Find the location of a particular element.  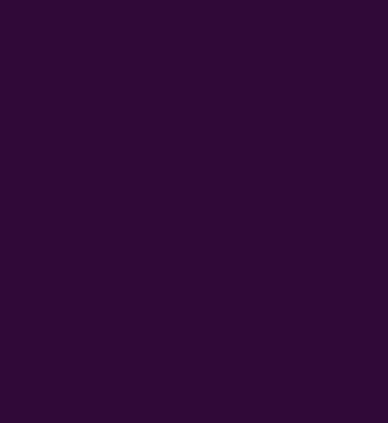

'https://www.jackpot.it' is located at coordinates (9, 379).